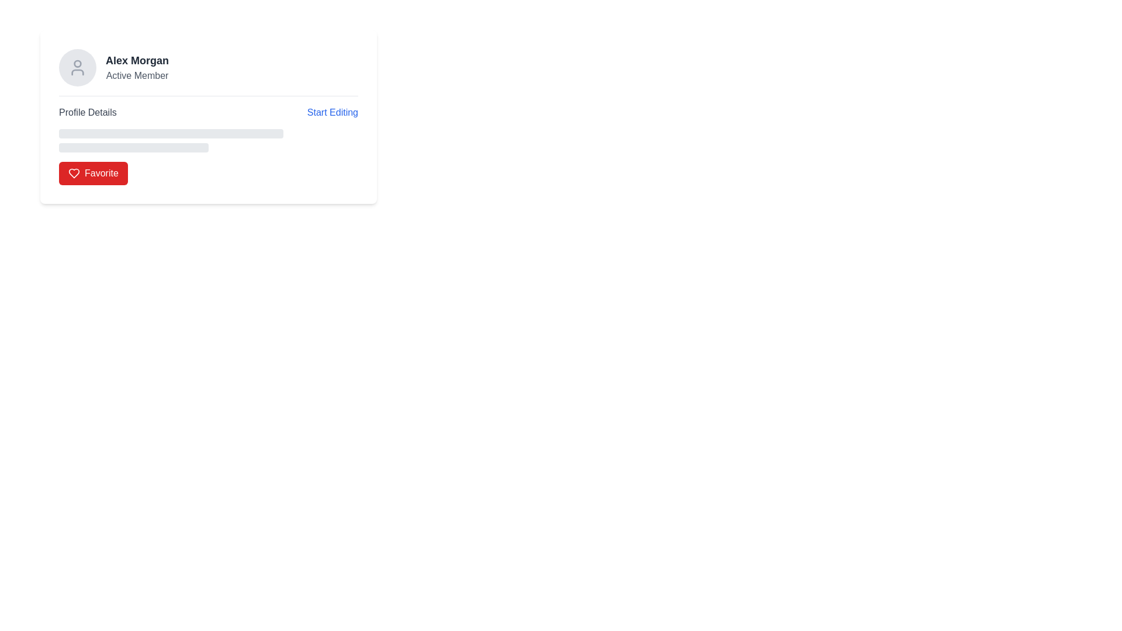 The width and height of the screenshot is (1122, 631). Describe the element at coordinates (77, 64) in the screenshot. I see `the small circle located inside the circular profile icon at the top-left corner of the user card` at that location.